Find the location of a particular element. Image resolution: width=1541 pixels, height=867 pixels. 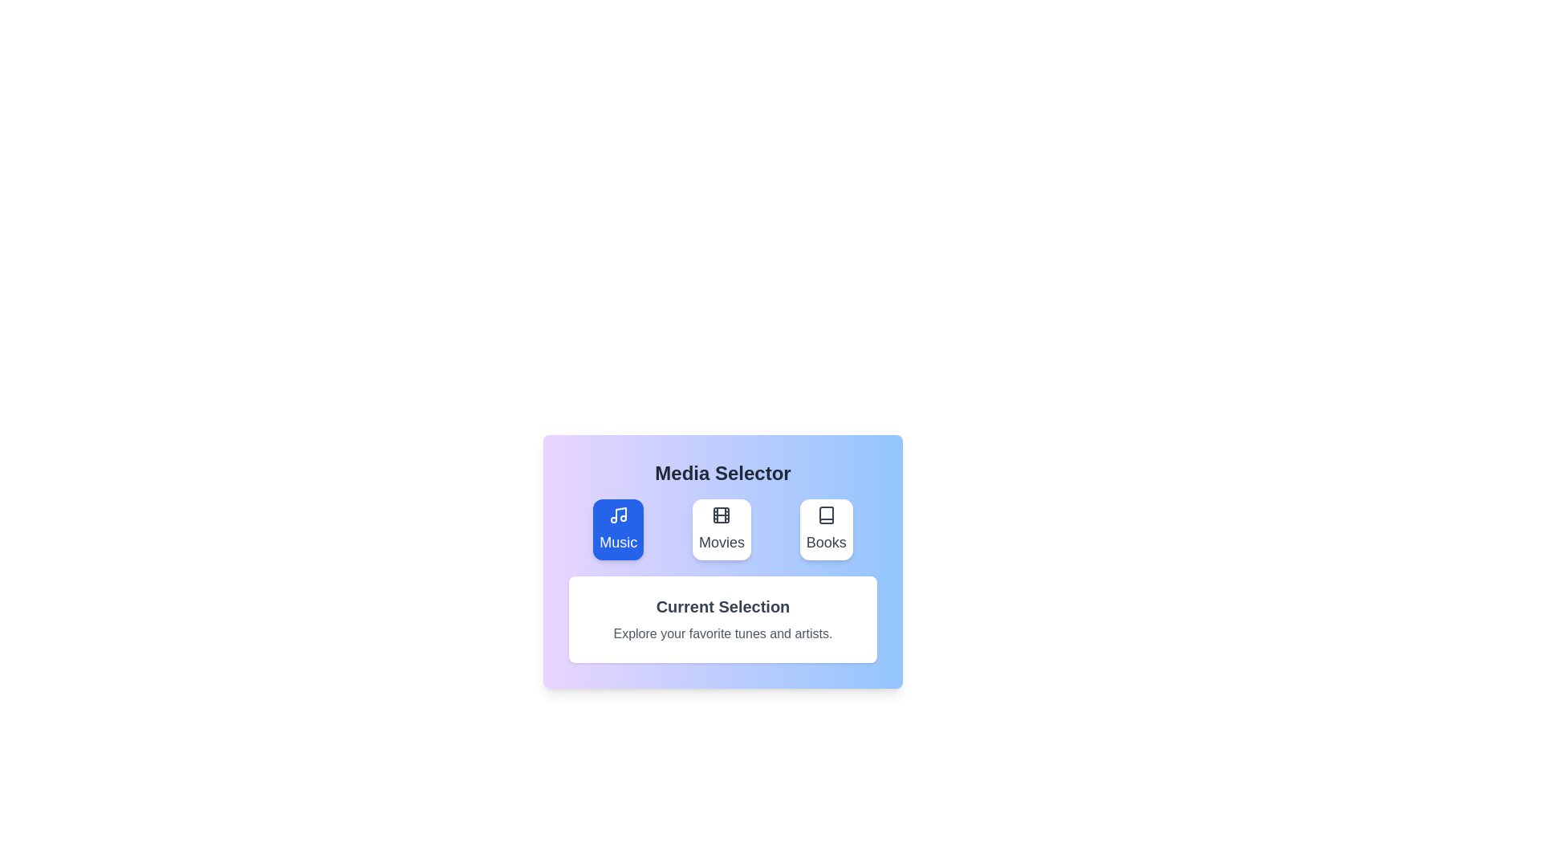

the text label displaying 'Movies', which is styled in bold and located below the movie reel icon in the Media Selector section is located at coordinates (721, 542).